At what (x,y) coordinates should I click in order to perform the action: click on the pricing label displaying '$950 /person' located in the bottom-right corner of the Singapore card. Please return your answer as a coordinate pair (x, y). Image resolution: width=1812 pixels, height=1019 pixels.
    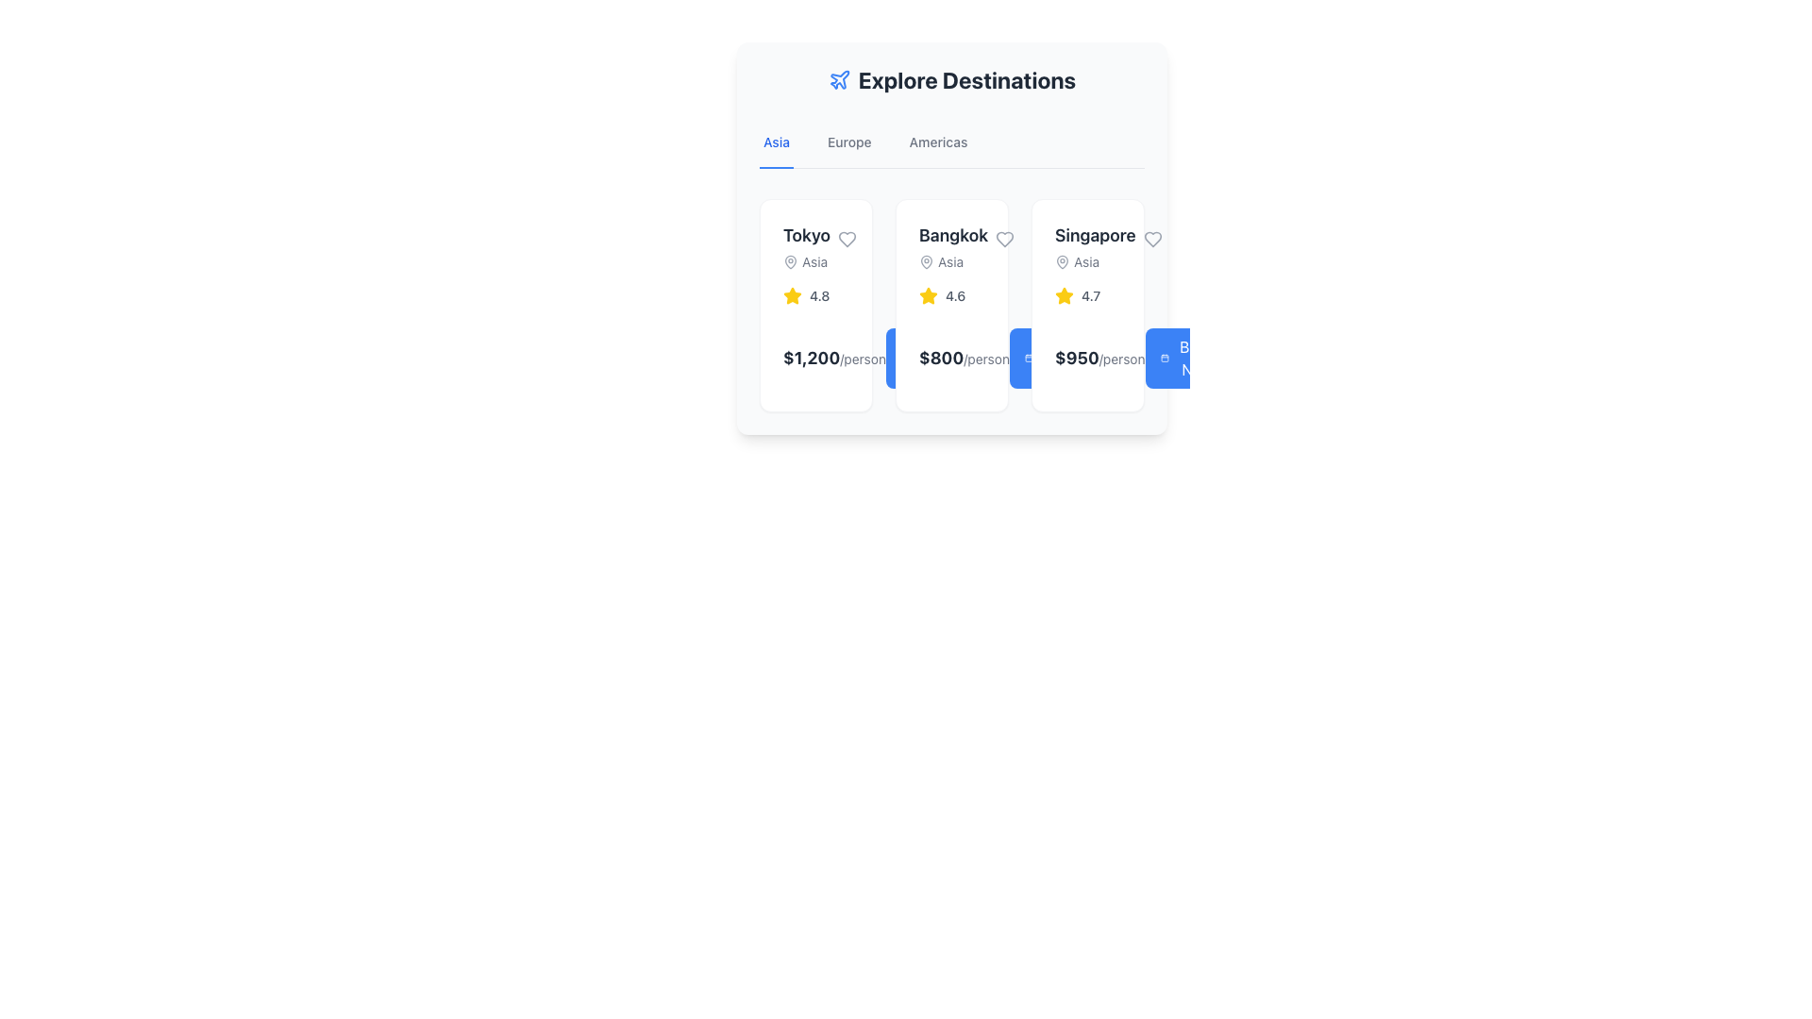
    Looking at the image, I should click on (1099, 359).